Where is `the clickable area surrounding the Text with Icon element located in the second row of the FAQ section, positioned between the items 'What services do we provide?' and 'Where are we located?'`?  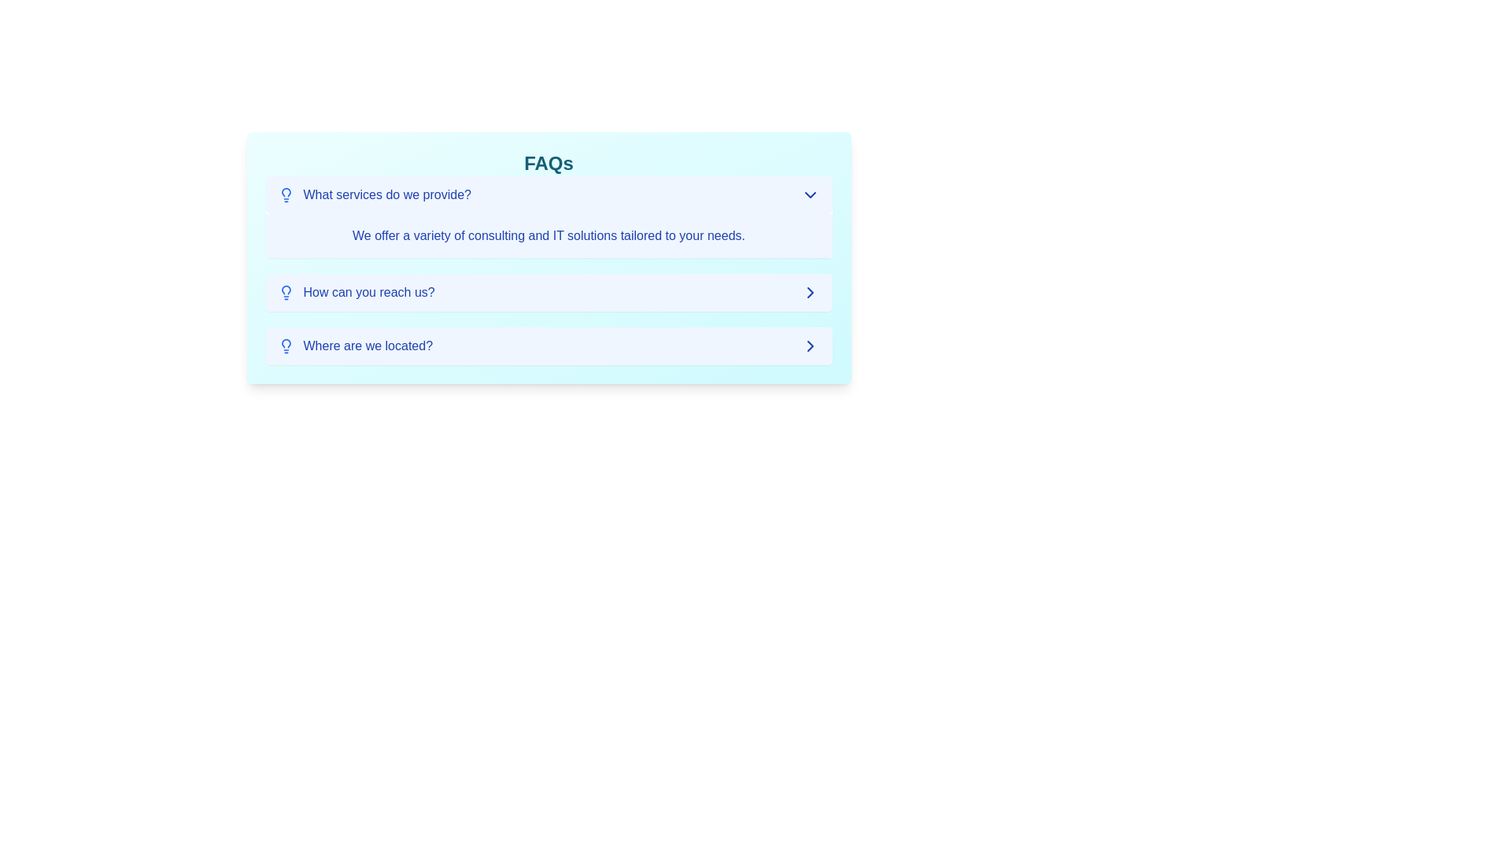 the clickable area surrounding the Text with Icon element located in the second row of the FAQ section, positioned between the items 'What services do we provide?' and 'Where are we located?' is located at coordinates (356, 292).